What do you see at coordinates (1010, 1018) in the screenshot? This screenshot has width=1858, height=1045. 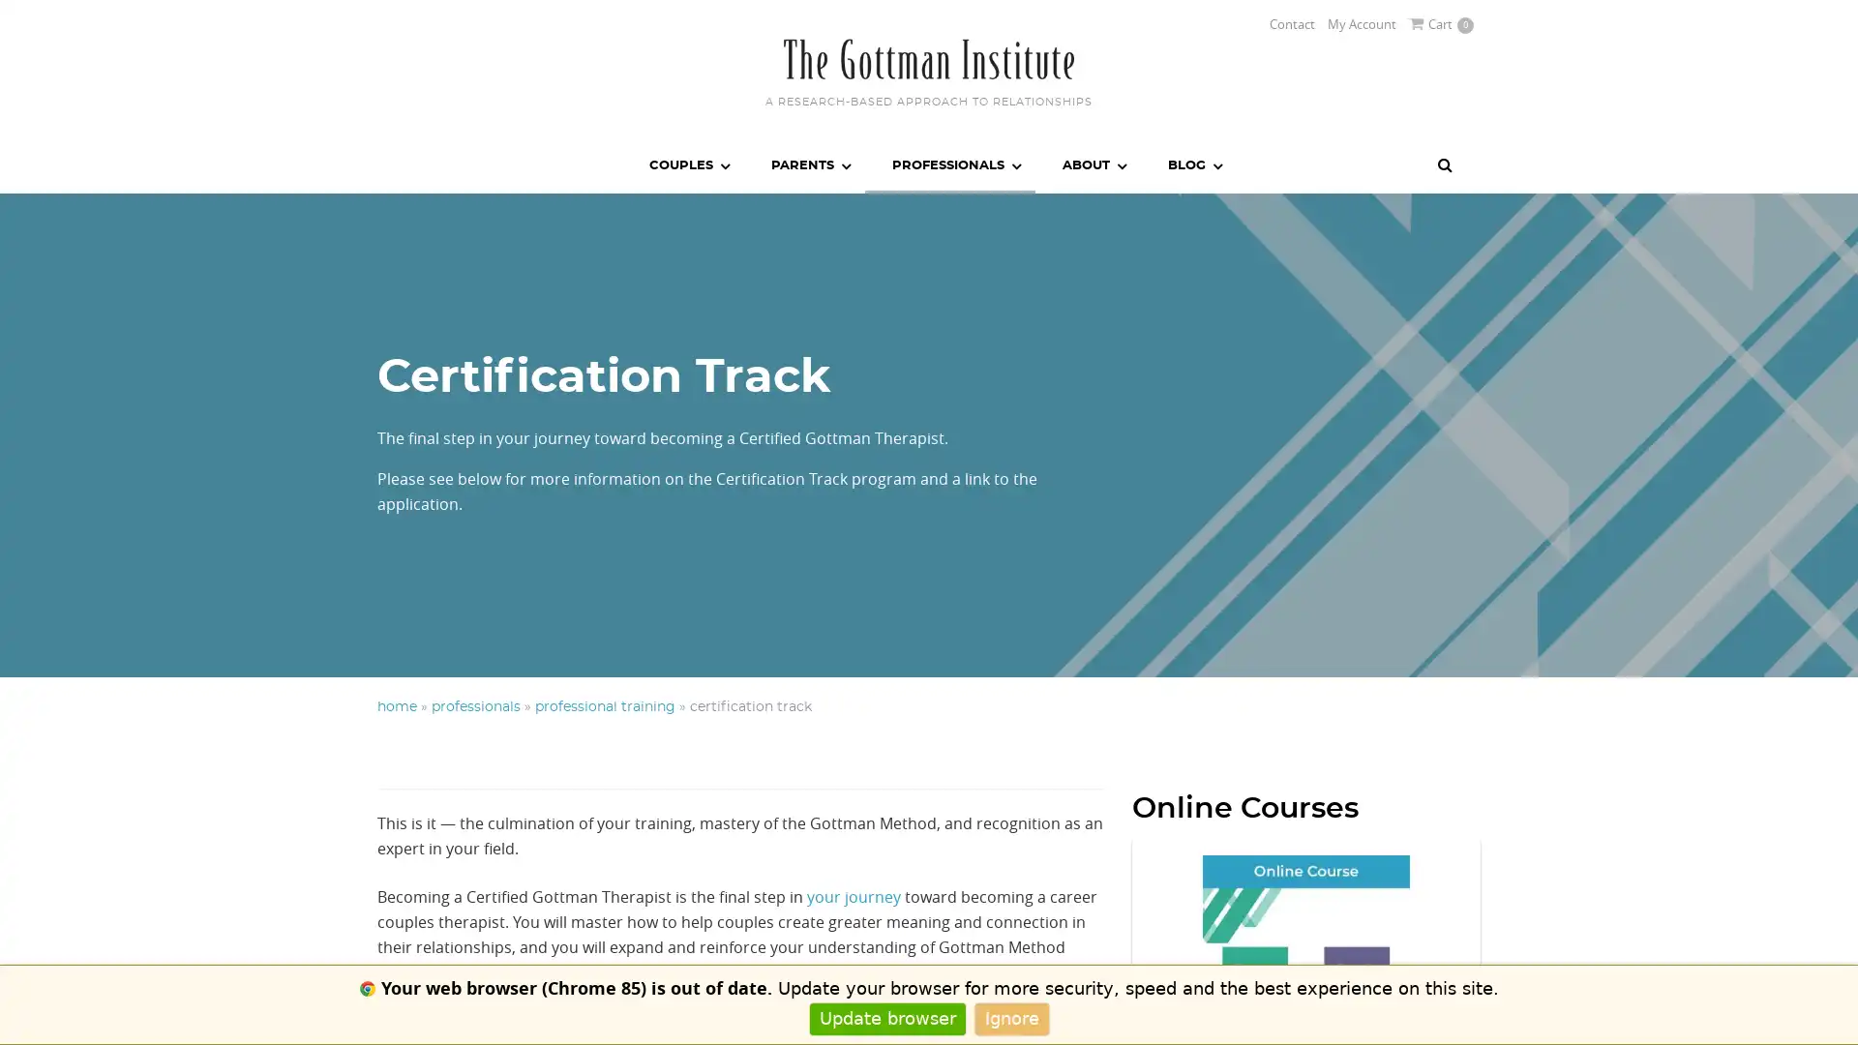 I see `Ignore` at bounding box center [1010, 1018].